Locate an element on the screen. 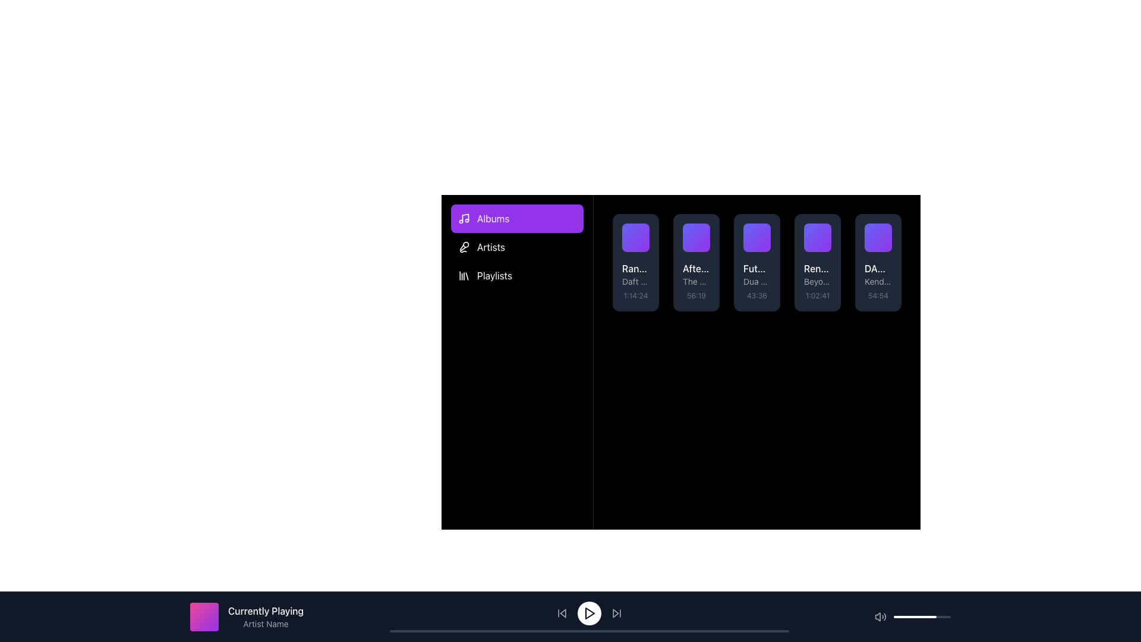  the musical note icon located in the purple rectangular area of the sidebar navigation menu is located at coordinates (464, 218).